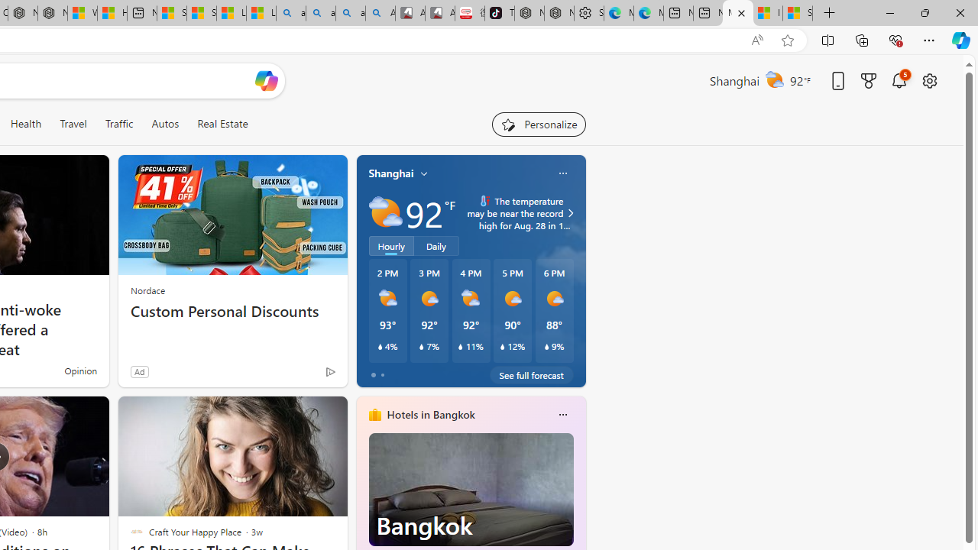 This screenshot has height=550, width=978. Describe the element at coordinates (500, 13) in the screenshot. I see `'TikTok'` at that location.